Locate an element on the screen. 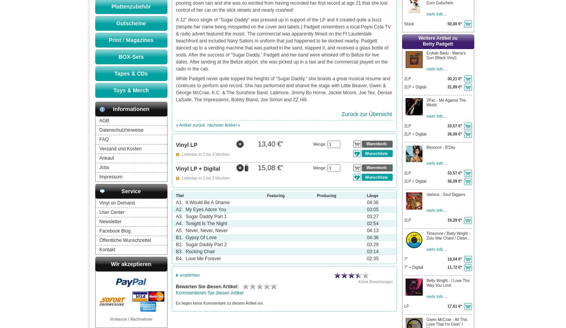  'Vinyl on Demand' is located at coordinates (117, 203).